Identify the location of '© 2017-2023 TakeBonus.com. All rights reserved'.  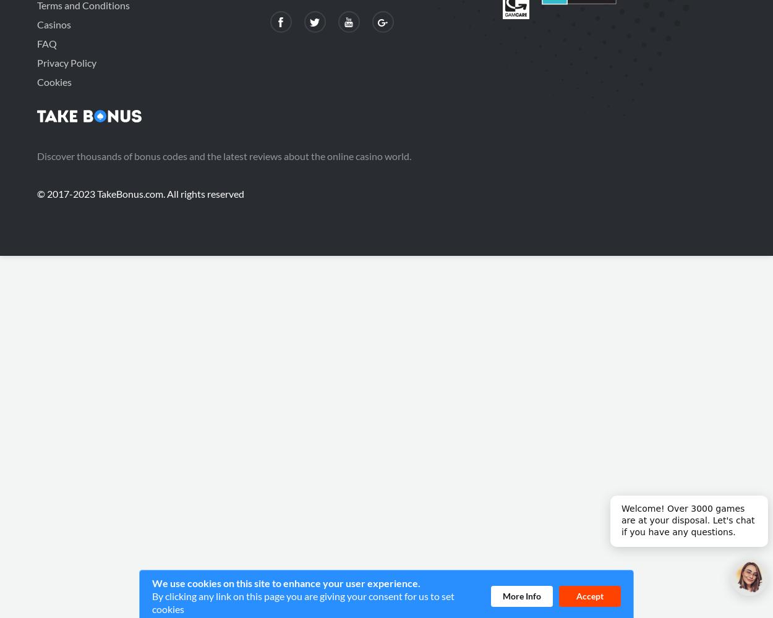
(140, 193).